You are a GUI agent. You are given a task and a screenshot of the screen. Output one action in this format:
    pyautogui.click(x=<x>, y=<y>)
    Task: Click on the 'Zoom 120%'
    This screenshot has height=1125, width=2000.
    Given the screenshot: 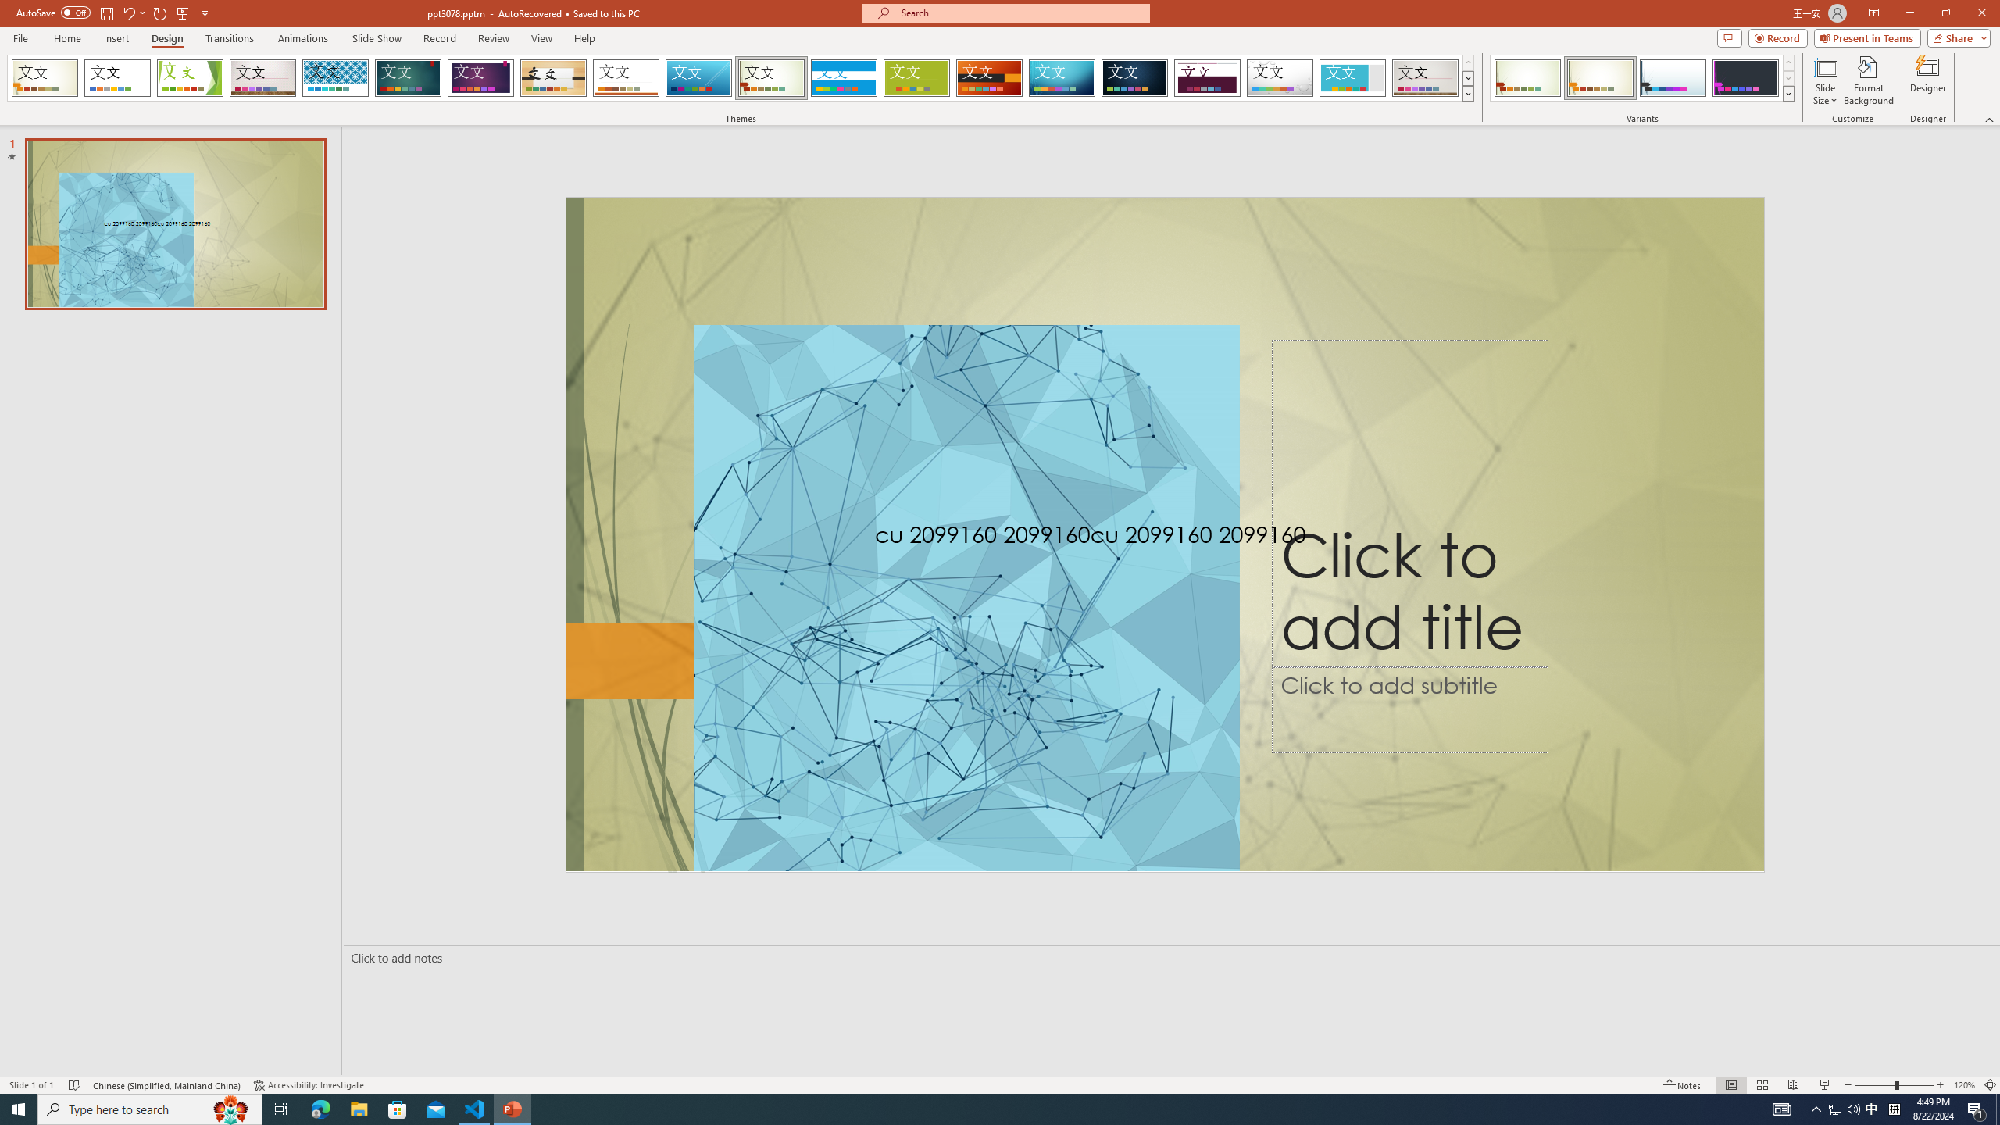 What is the action you would take?
    pyautogui.click(x=1965, y=1085)
    